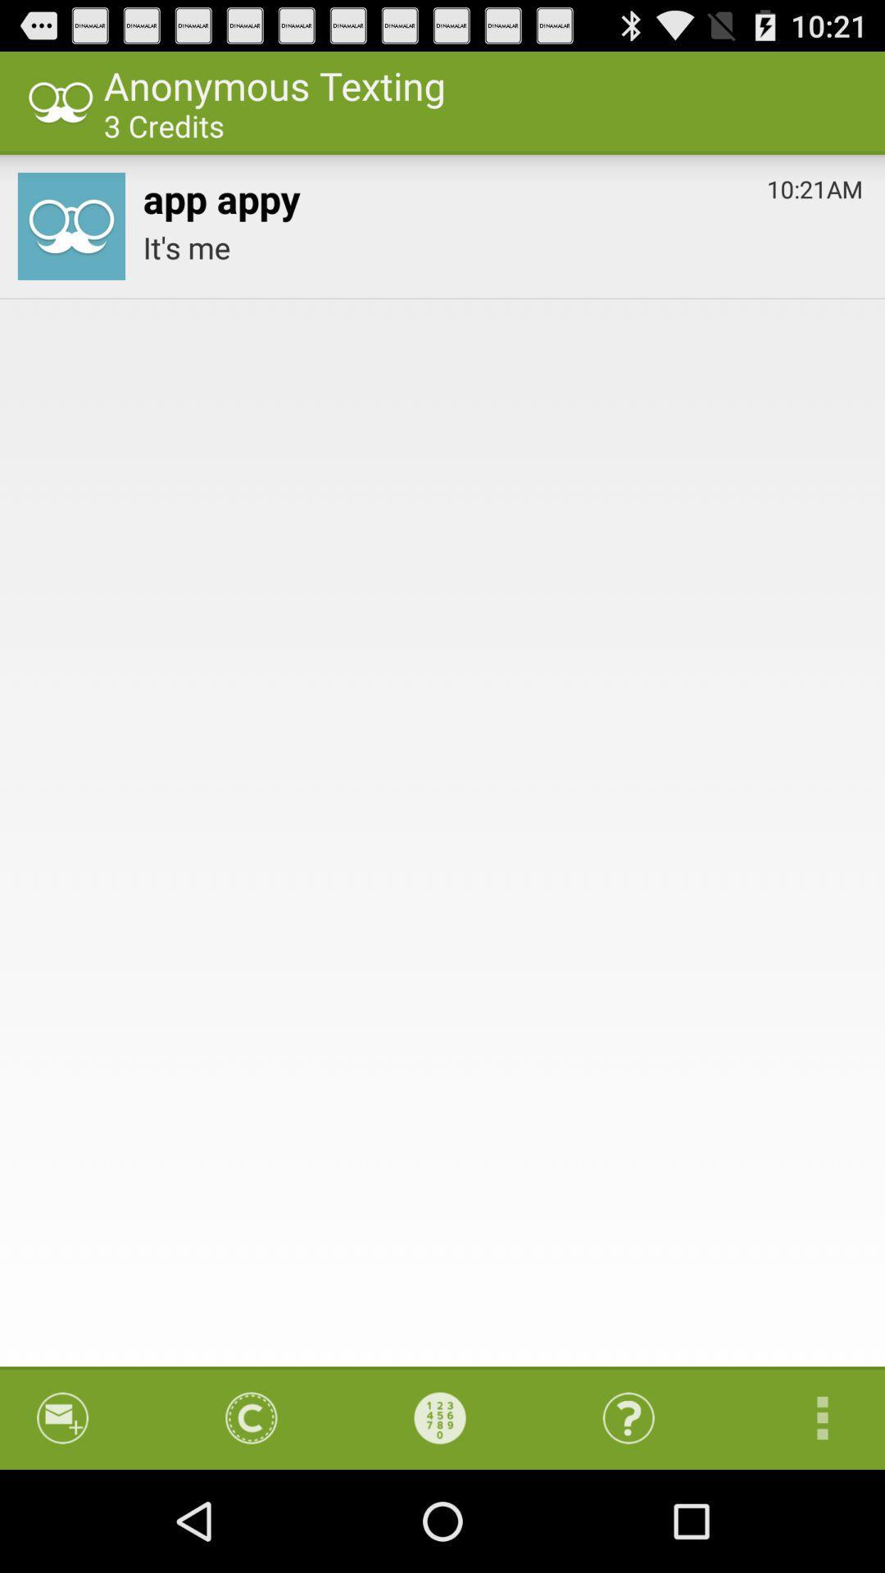 Image resolution: width=885 pixels, height=1573 pixels. Describe the element at coordinates (815, 185) in the screenshot. I see `10:21am item` at that location.